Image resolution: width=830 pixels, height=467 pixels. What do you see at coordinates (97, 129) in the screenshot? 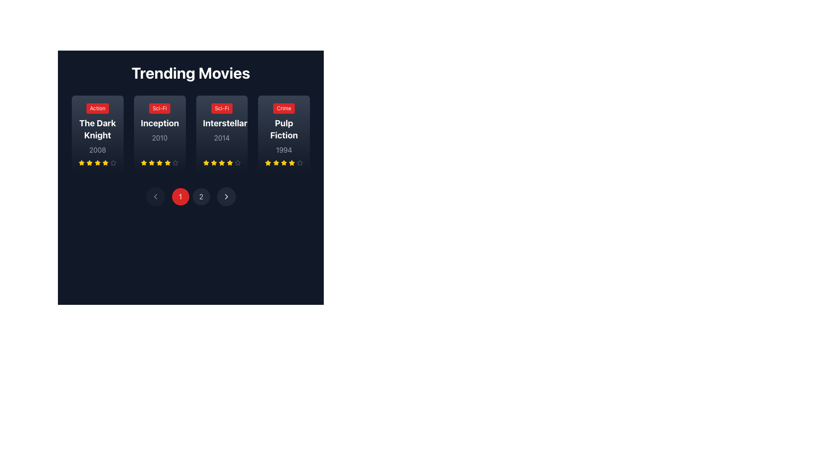
I see `the text heading representing the title of a movie` at bounding box center [97, 129].